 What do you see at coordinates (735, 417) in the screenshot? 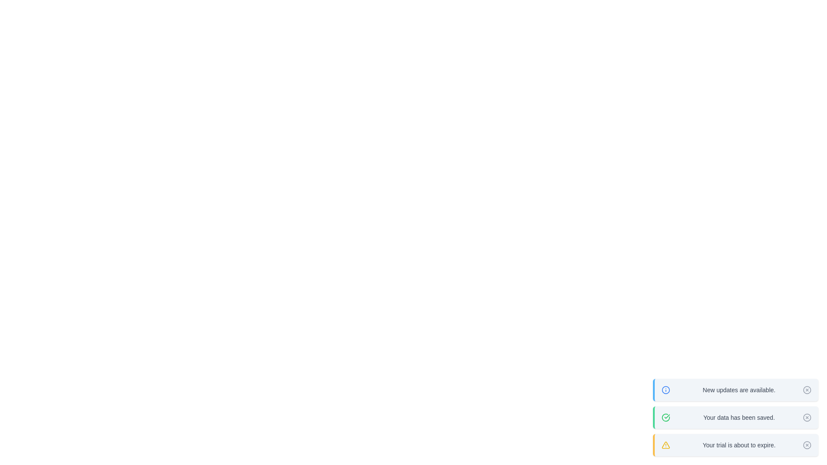
I see `the close icon on the second notification in the stack, which informs the user that their data has been saved successfully` at bounding box center [735, 417].